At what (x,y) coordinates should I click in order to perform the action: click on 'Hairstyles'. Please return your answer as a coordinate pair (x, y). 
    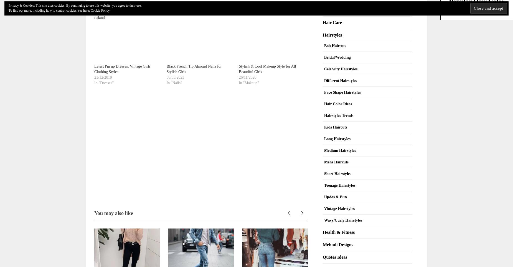
    Looking at the image, I should click on (332, 35).